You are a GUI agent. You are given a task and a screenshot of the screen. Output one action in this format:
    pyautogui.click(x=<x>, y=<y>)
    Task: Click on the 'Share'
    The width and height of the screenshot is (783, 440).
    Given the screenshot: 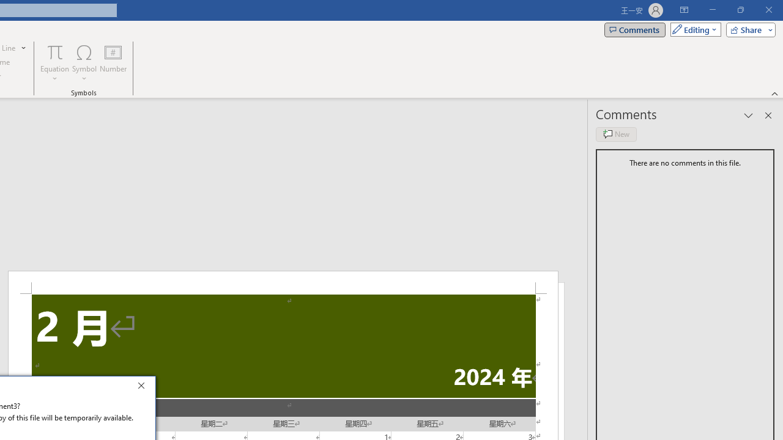 What is the action you would take?
    pyautogui.click(x=748, y=29)
    